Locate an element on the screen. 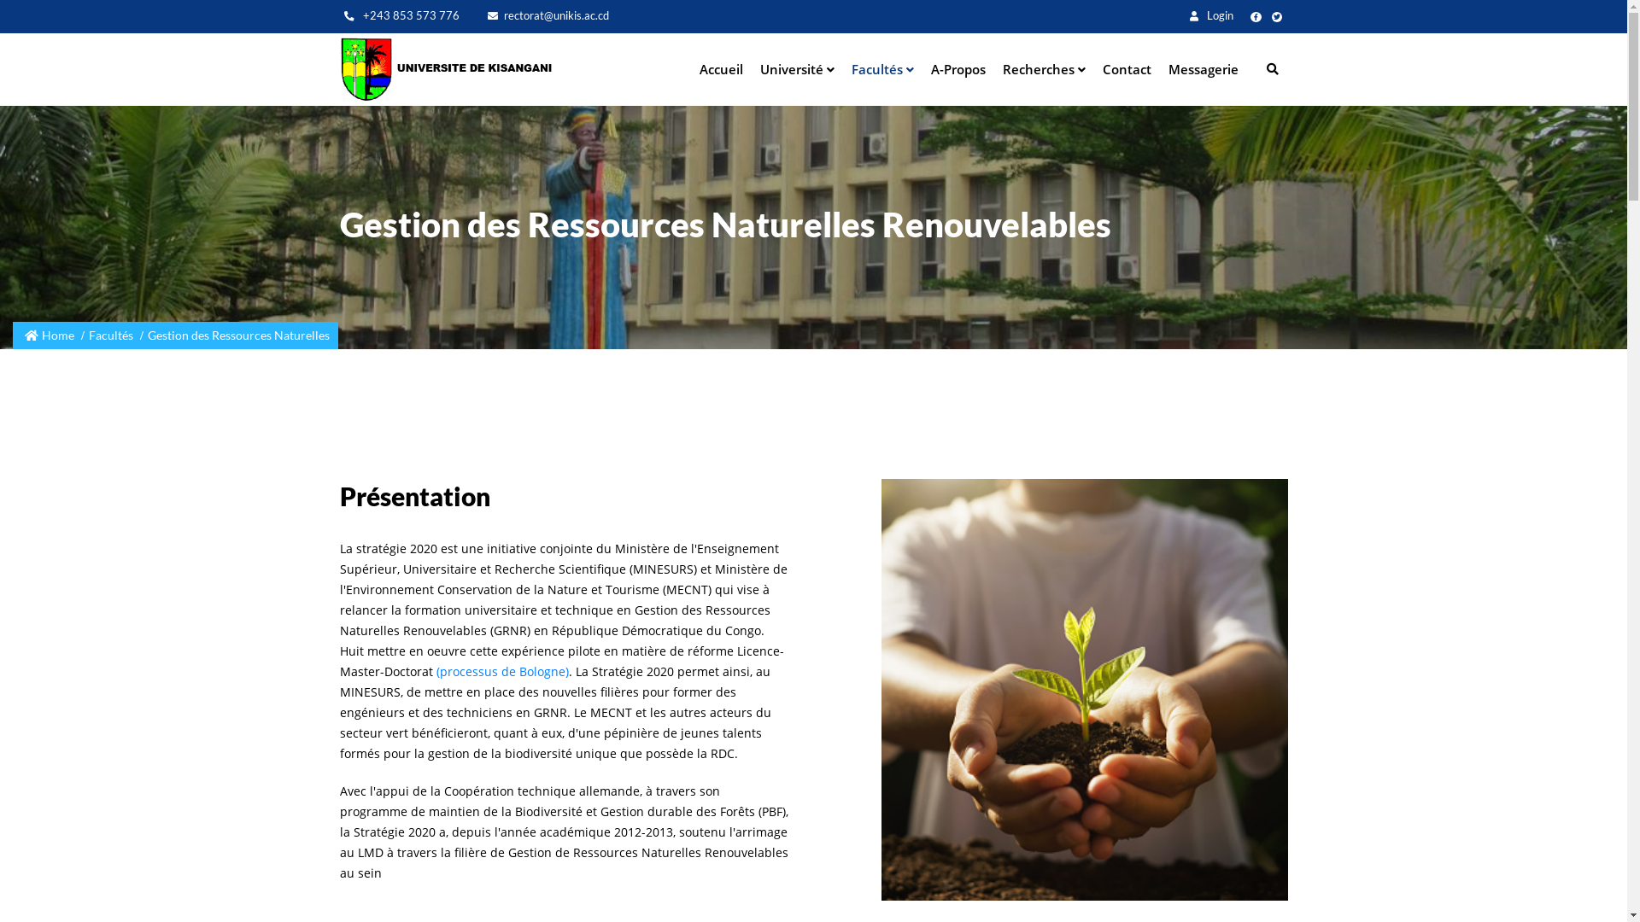  'agro' is located at coordinates (1083, 688).